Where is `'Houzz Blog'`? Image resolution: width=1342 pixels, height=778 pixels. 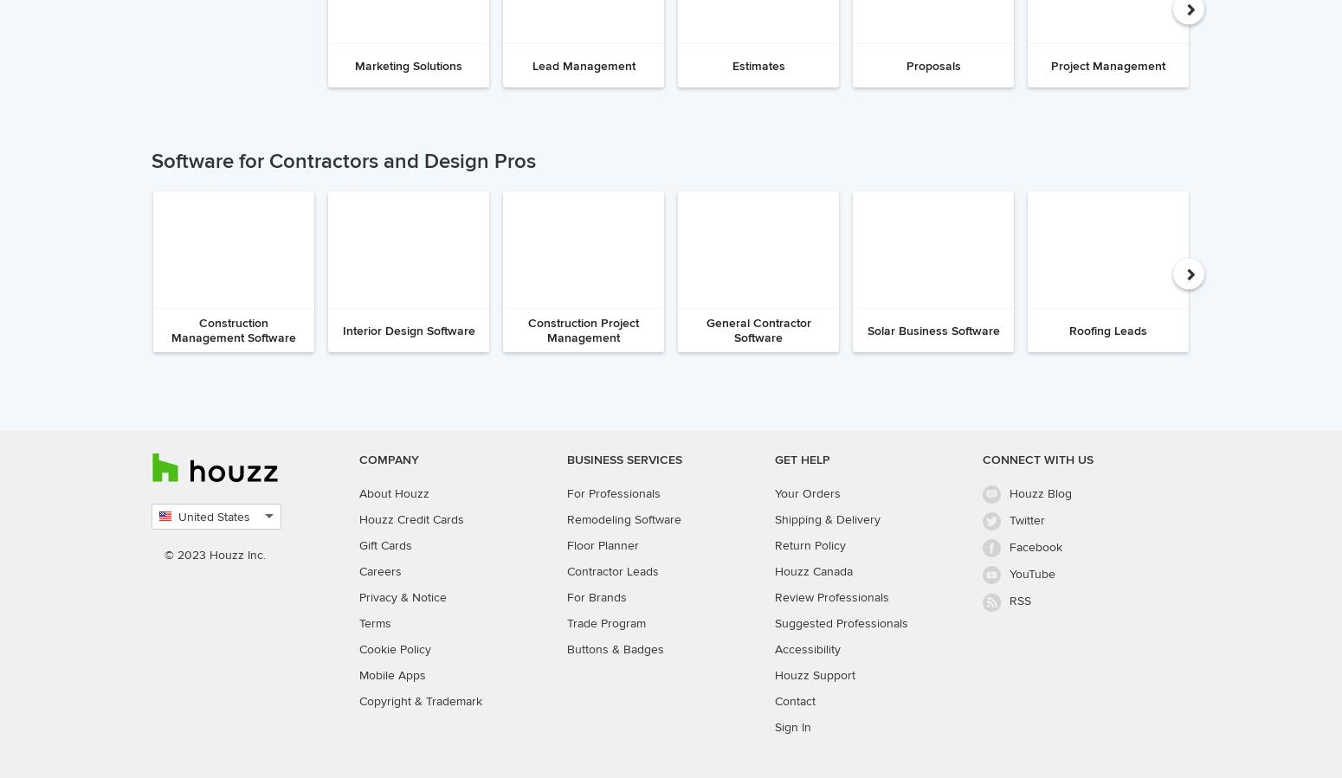
'Houzz Blog' is located at coordinates (1041, 492).